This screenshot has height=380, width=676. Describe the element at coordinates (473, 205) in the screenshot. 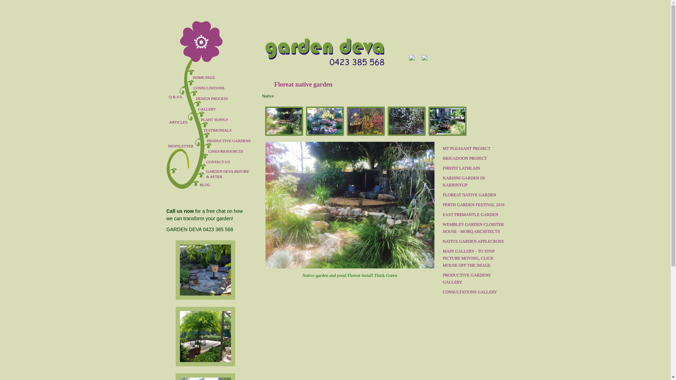

I see `'PERTH GARDEN FESTIVAL 2019'` at that location.